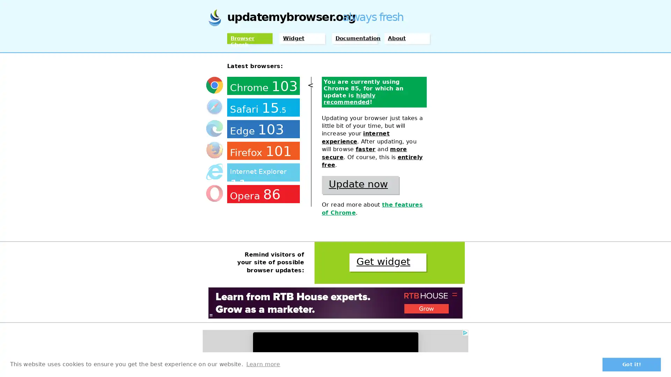 This screenshot has height=377, width=671. What do you see at coordinates (262, 364) in the screenshot?
I see `learn more about cookies` at bounding box center [262, 364].